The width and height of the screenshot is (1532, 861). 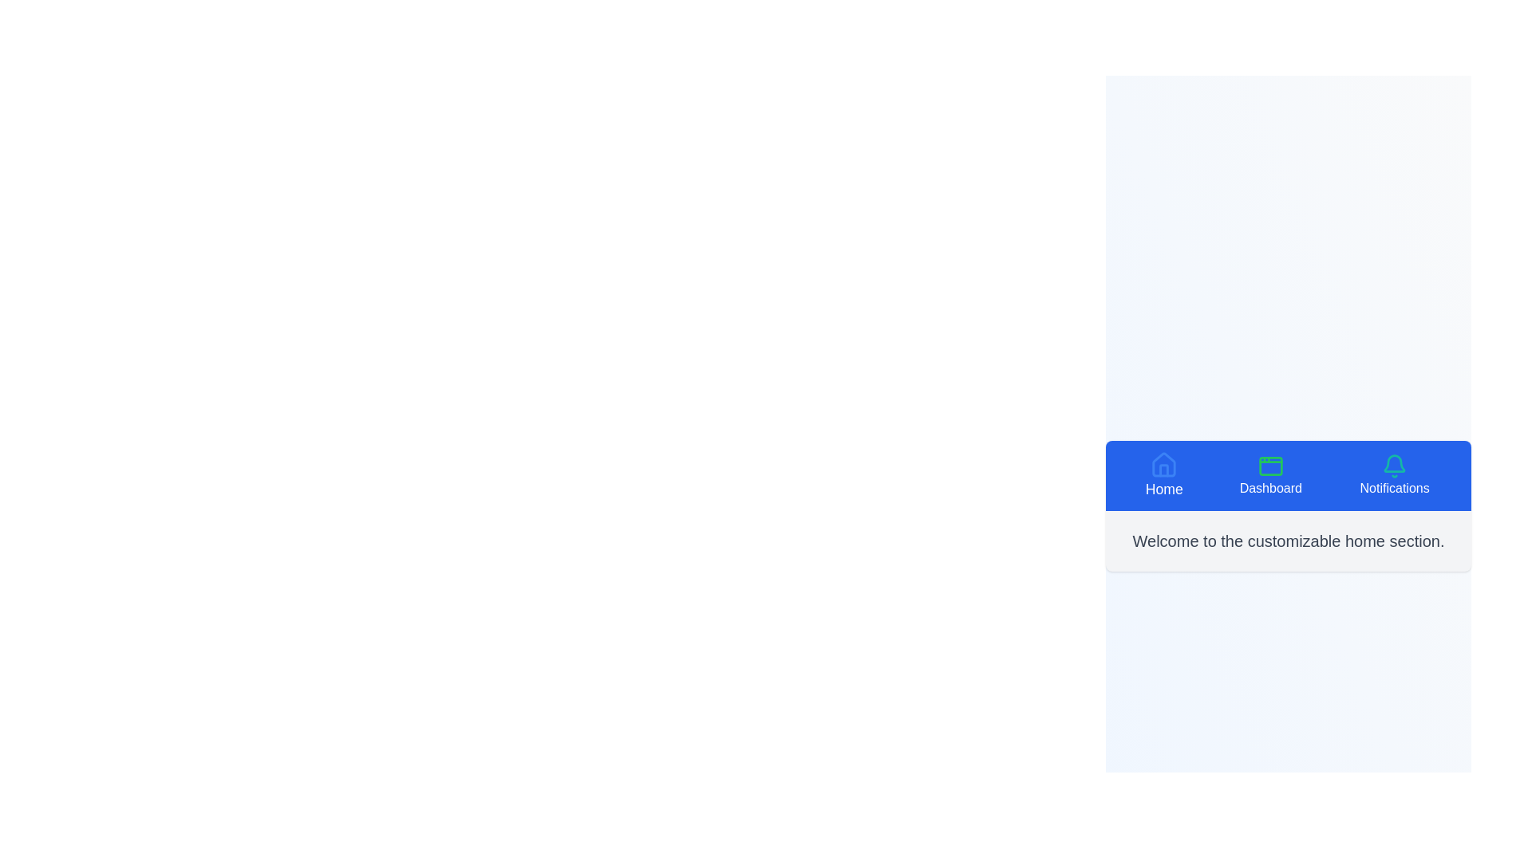 What do you see at coordinates (1394, 475) in the screenshot?
I see `the Notifications tab in the IconicTabs component` at bounding box center [1394, 475].